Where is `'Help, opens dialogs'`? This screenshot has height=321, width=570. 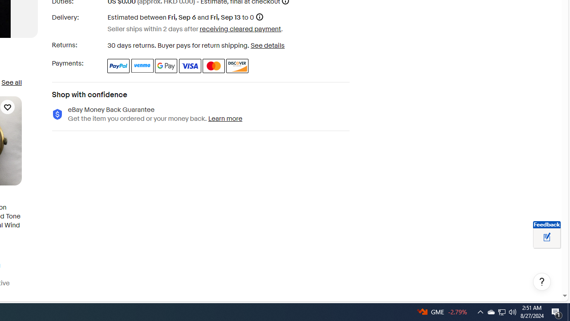
'Help, opens dialogs' is located at coordinates (541, 282).